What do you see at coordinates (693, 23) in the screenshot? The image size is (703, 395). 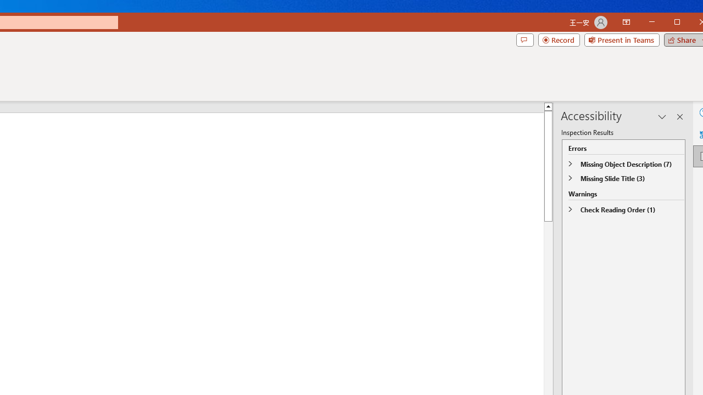 I see `'Maximize'` at bounding box center [693, 23].